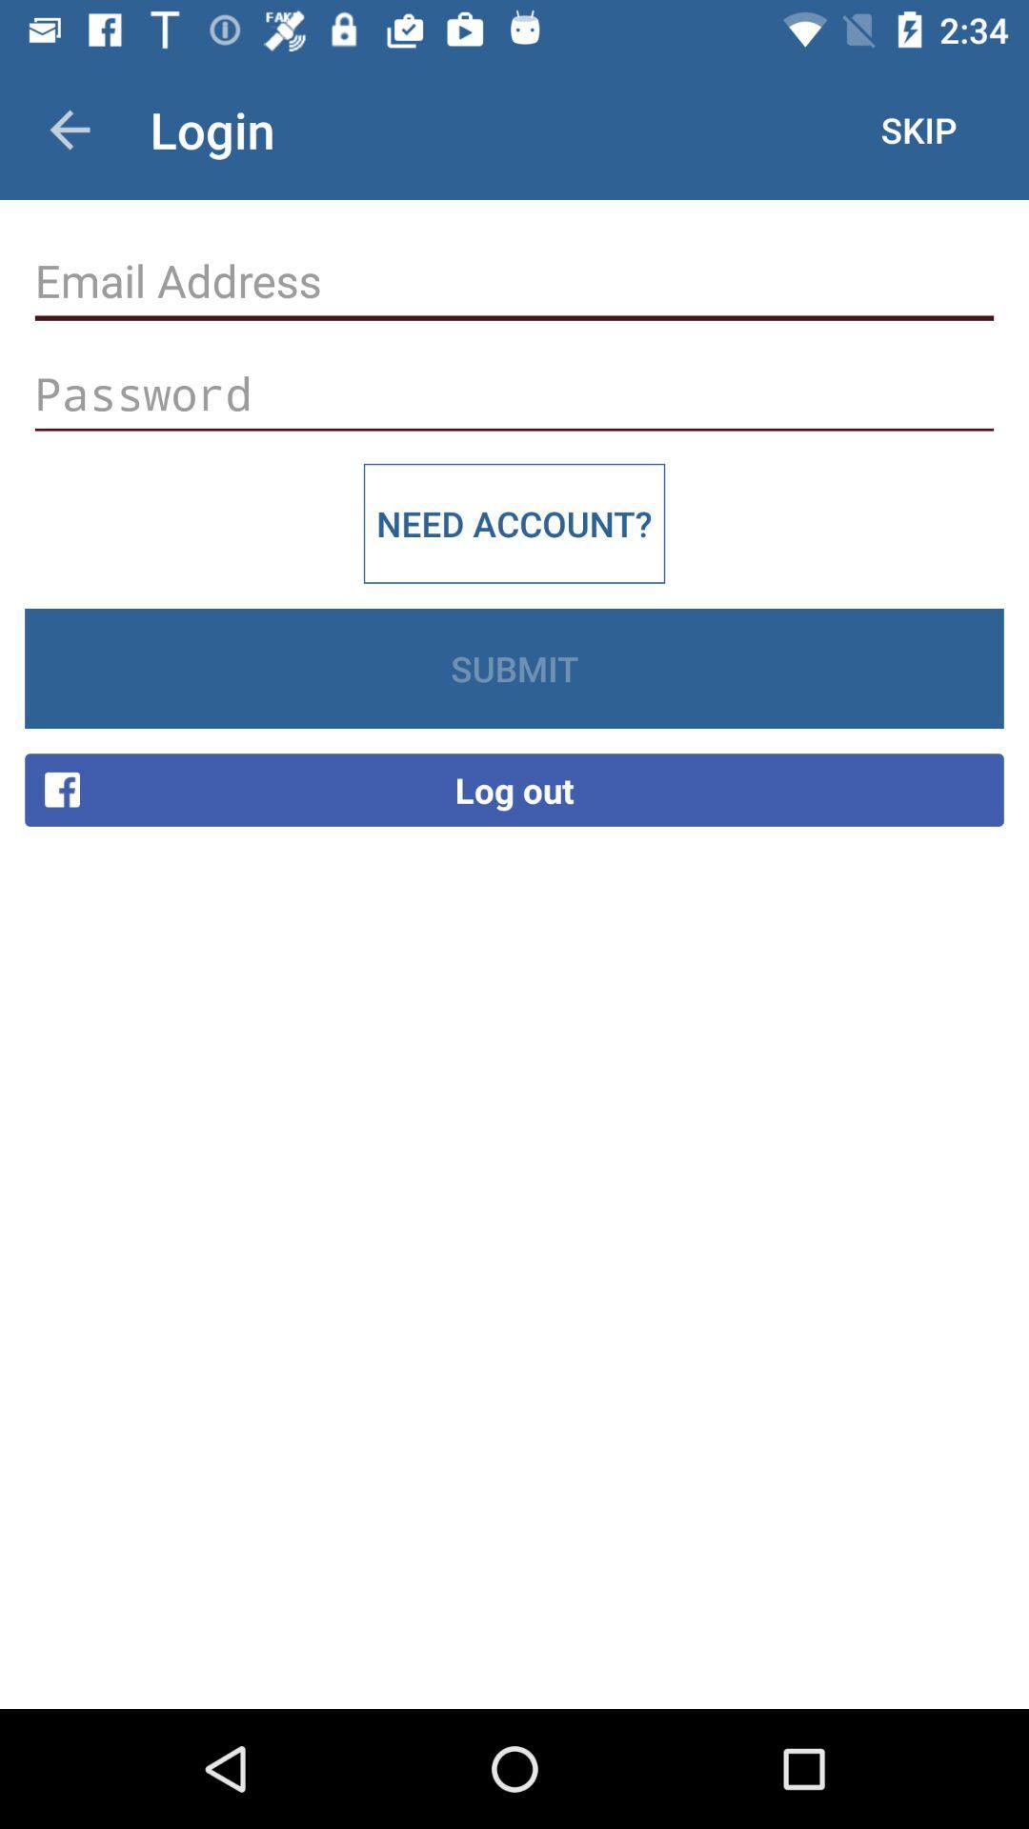  What do you see at coordinates (514, 392) in the screenshot?
I see `item above the need account? item` at bounding box center [514, 392].